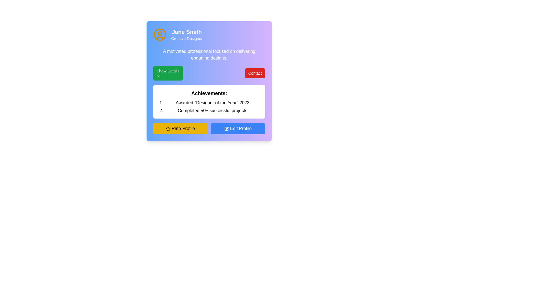 The image size is (537, 302). What do you see at coordinates (187, 34) in the screenshot?
I see `the 'Jane Smith' text label, which is styled in bold and larger font above the smaller 'Creative Designer' text, centered against a light blue background` at bounding box center [187, 34].